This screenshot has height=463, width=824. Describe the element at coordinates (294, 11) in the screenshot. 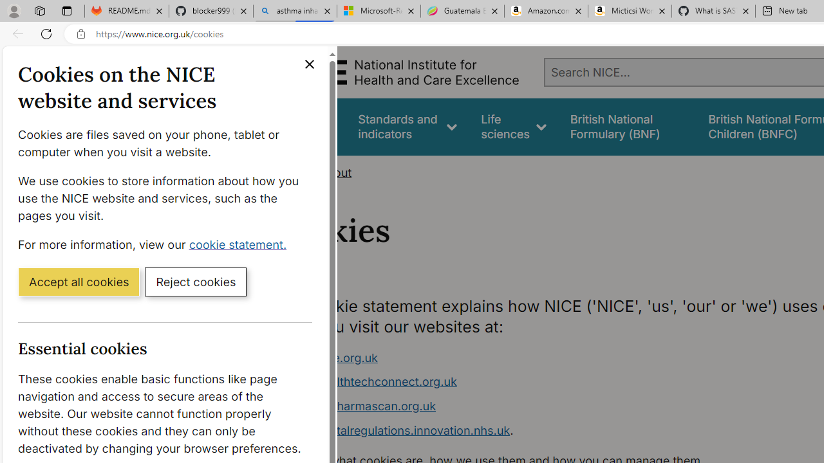

I see `'asthma inhaler - Search'` at that location.